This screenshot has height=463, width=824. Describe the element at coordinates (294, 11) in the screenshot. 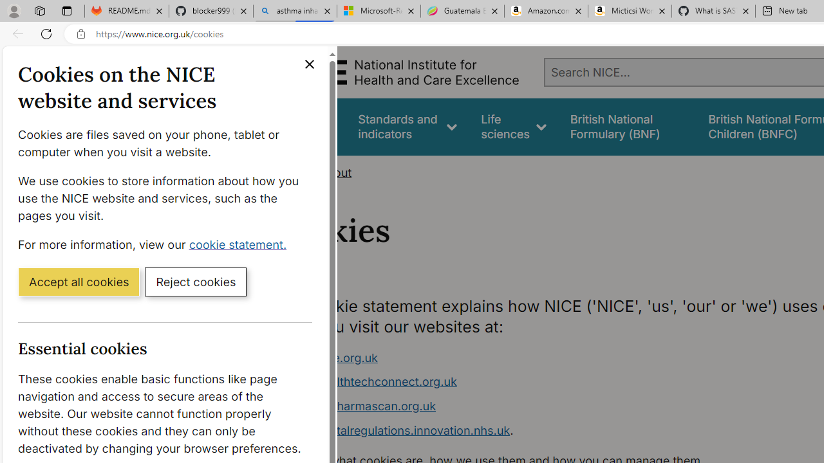

I see `'asthma inhaler - Search'` at that location.